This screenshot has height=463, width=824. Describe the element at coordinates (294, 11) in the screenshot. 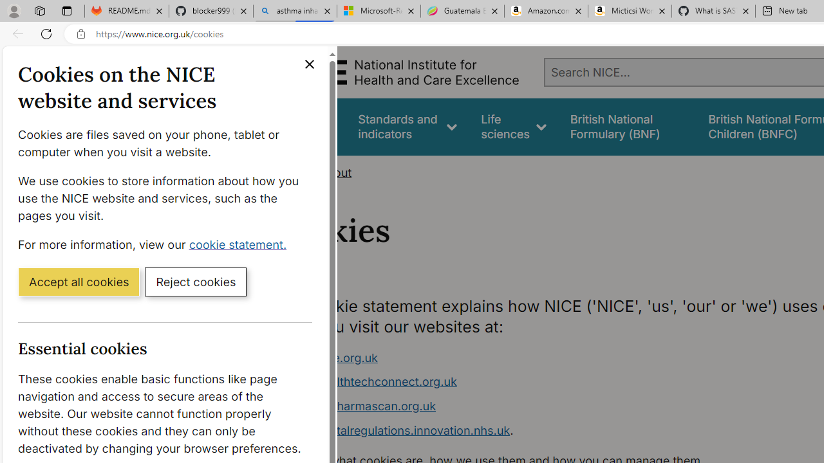

I see `'asthma inhaler - Search'` at that location.